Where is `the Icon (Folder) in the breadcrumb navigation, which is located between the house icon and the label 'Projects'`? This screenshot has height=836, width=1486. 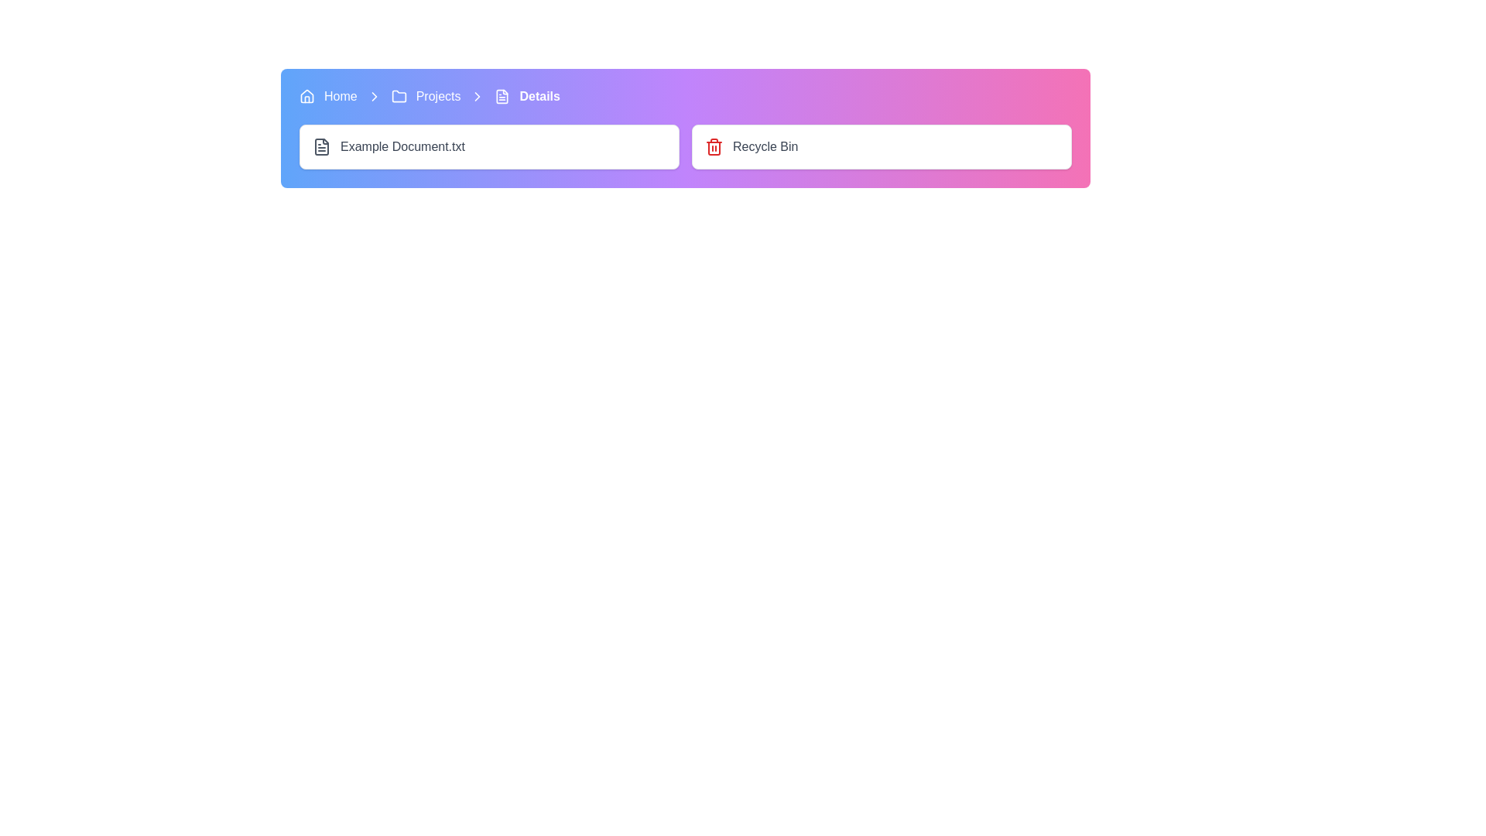
the Icon (Folder) in the breadcrumb navigation, which is located between the house icon and the label 'Projects' is located at coordinates (399, 96).